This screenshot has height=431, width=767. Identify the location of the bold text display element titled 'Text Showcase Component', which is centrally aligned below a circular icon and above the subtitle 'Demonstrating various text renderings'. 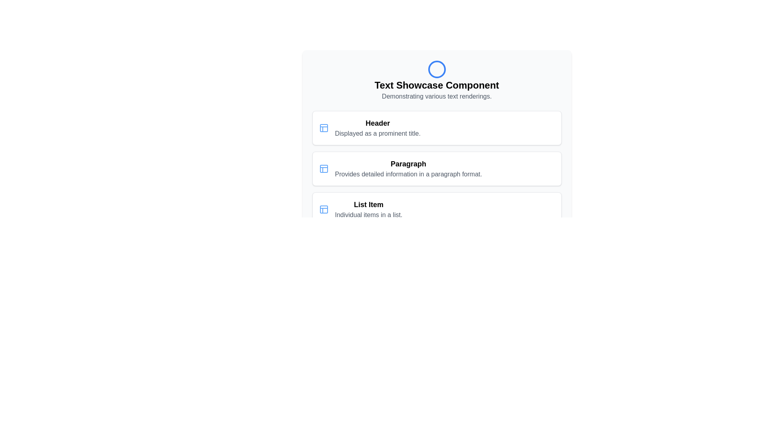
(436, 85).